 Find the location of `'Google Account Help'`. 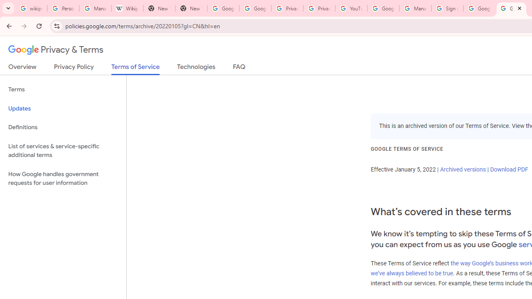

'Google Account Help' is located at coordinates (383, 8).